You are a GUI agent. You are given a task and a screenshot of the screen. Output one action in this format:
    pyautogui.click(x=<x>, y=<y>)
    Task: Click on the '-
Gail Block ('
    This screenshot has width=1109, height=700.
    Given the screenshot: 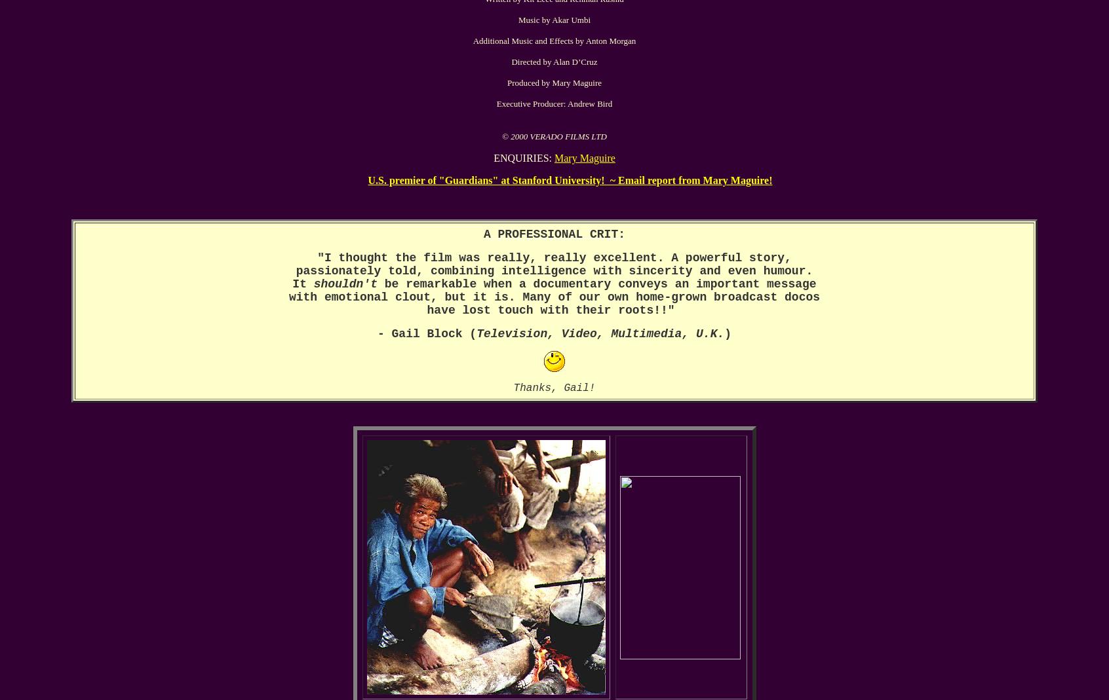 What is the action you would take?
    pyautogui.click(x=376, y=333)
    